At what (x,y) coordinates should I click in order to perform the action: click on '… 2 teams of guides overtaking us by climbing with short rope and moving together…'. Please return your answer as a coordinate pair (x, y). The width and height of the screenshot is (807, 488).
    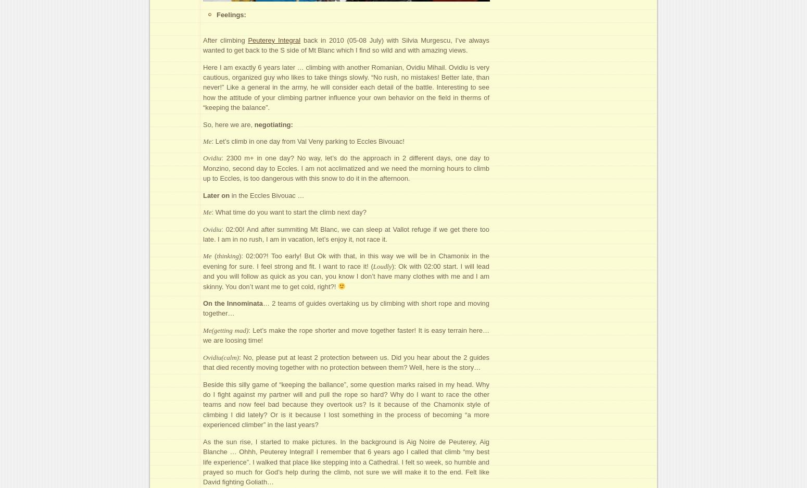
    Looking at the image, I should click on (203, 307).